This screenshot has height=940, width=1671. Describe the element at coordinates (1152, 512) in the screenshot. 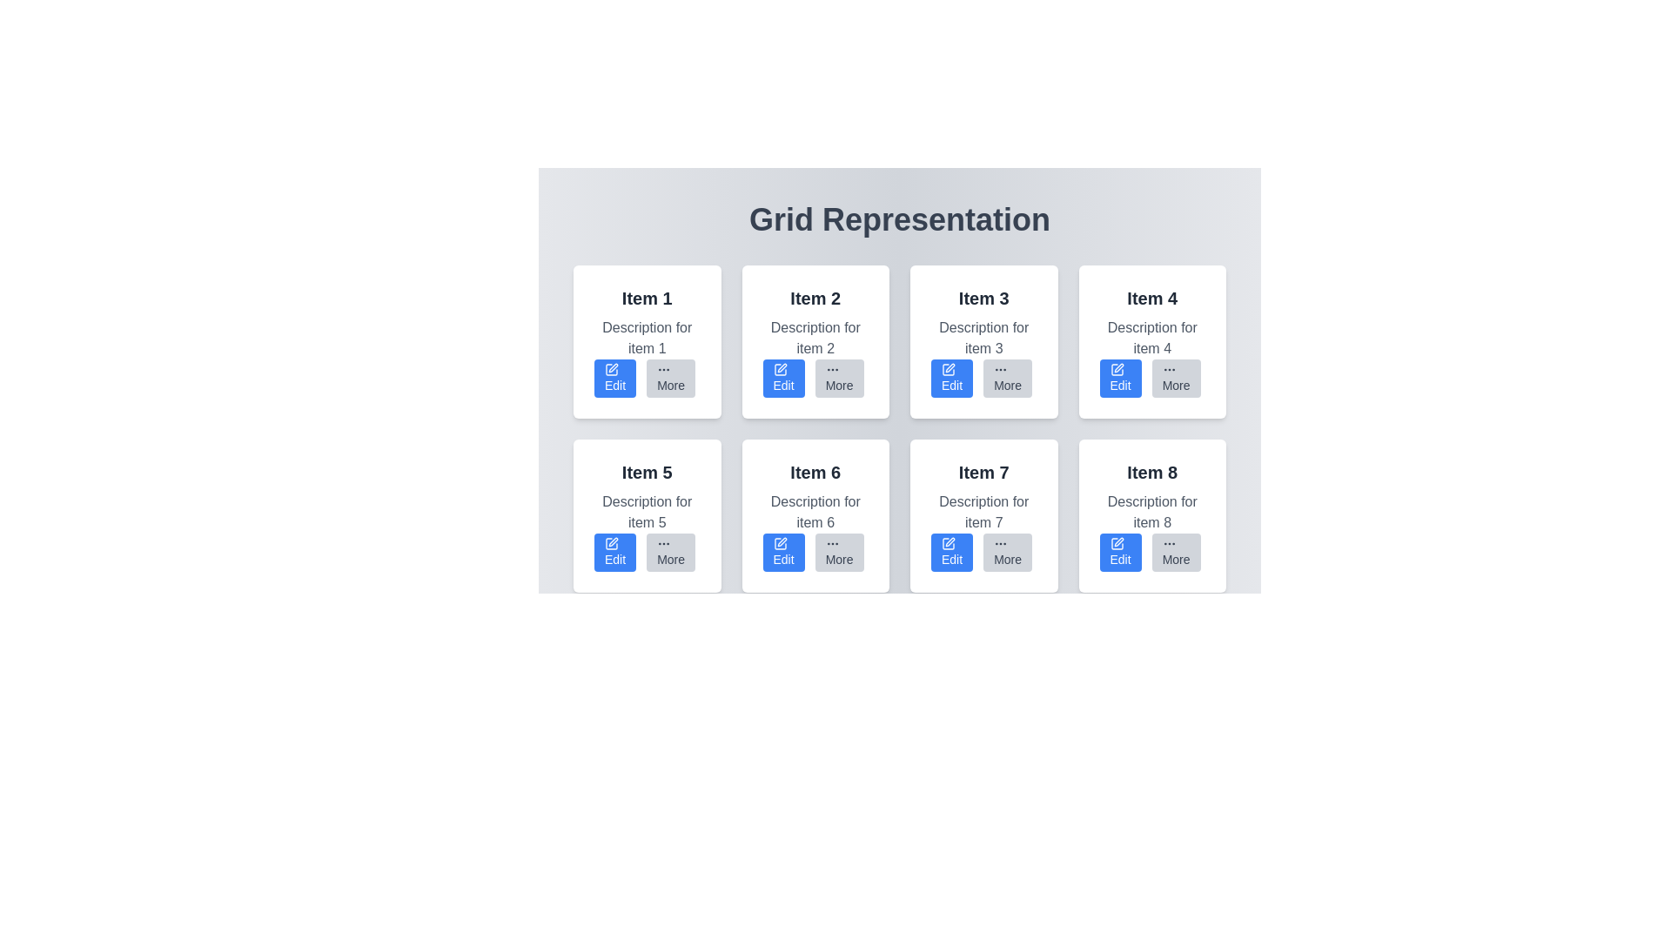

I see `the text block that reads 'Description for item 8', which is styled with a gray font color and located below the 'Item 8' title in the bottom-right card of a grid layout` at that location.